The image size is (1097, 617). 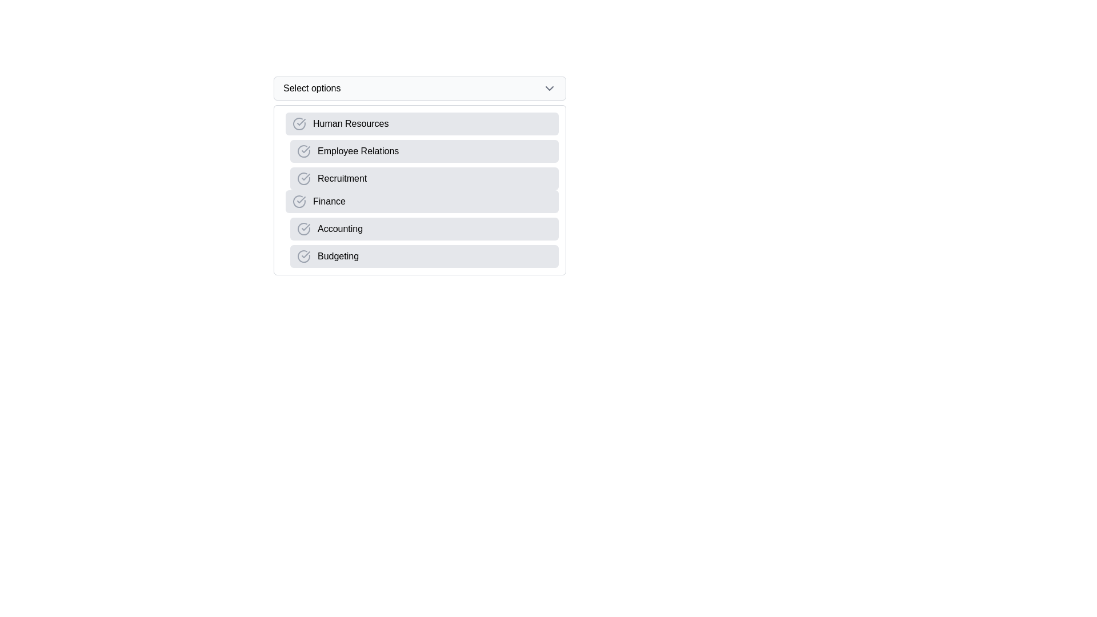 I want to click on the circular graphic containing an arc segment that is part of the icon to the left of the word 'Budgeting', so click(x=304, y=255).